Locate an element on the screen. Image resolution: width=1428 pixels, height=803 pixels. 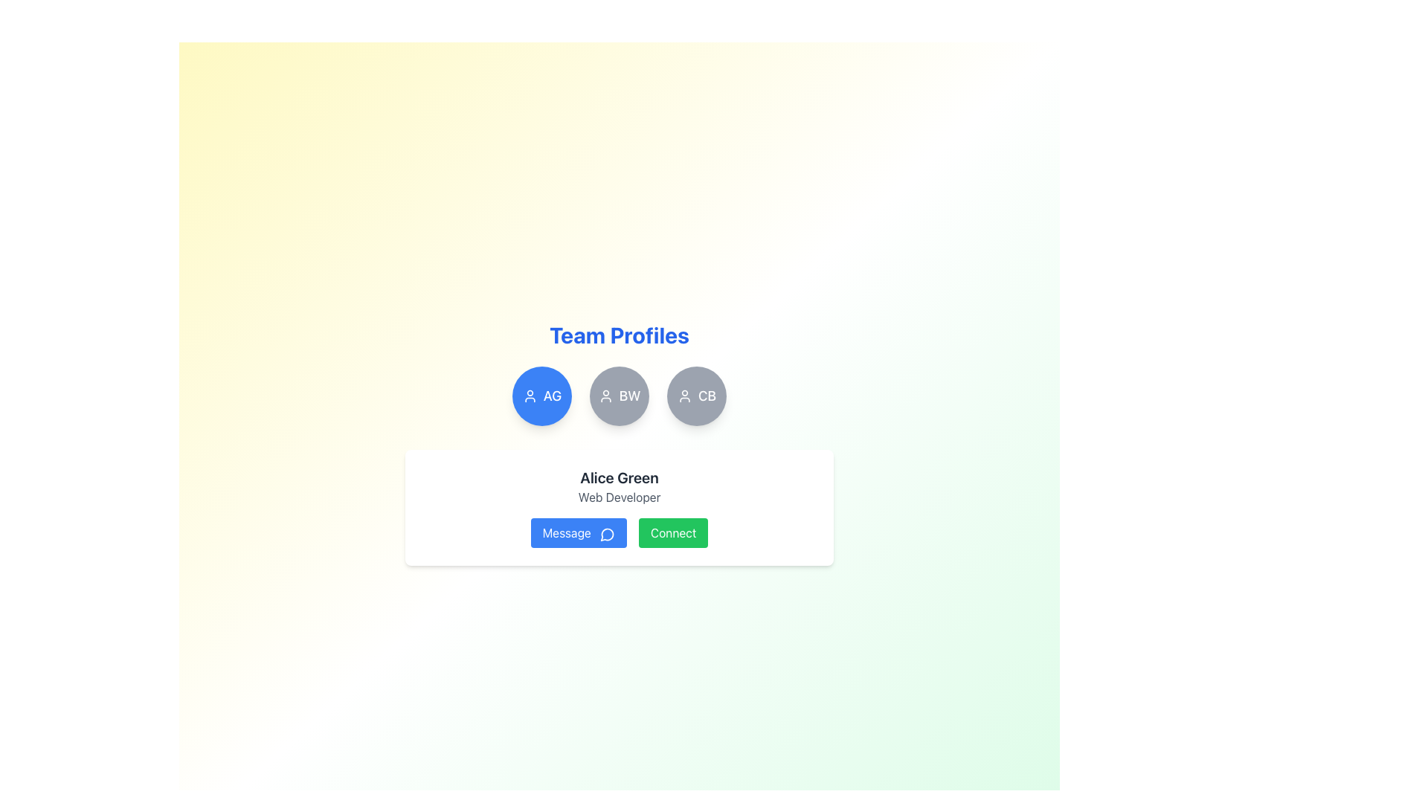
the green 'Connect' button is located at coordinates (672, 532).